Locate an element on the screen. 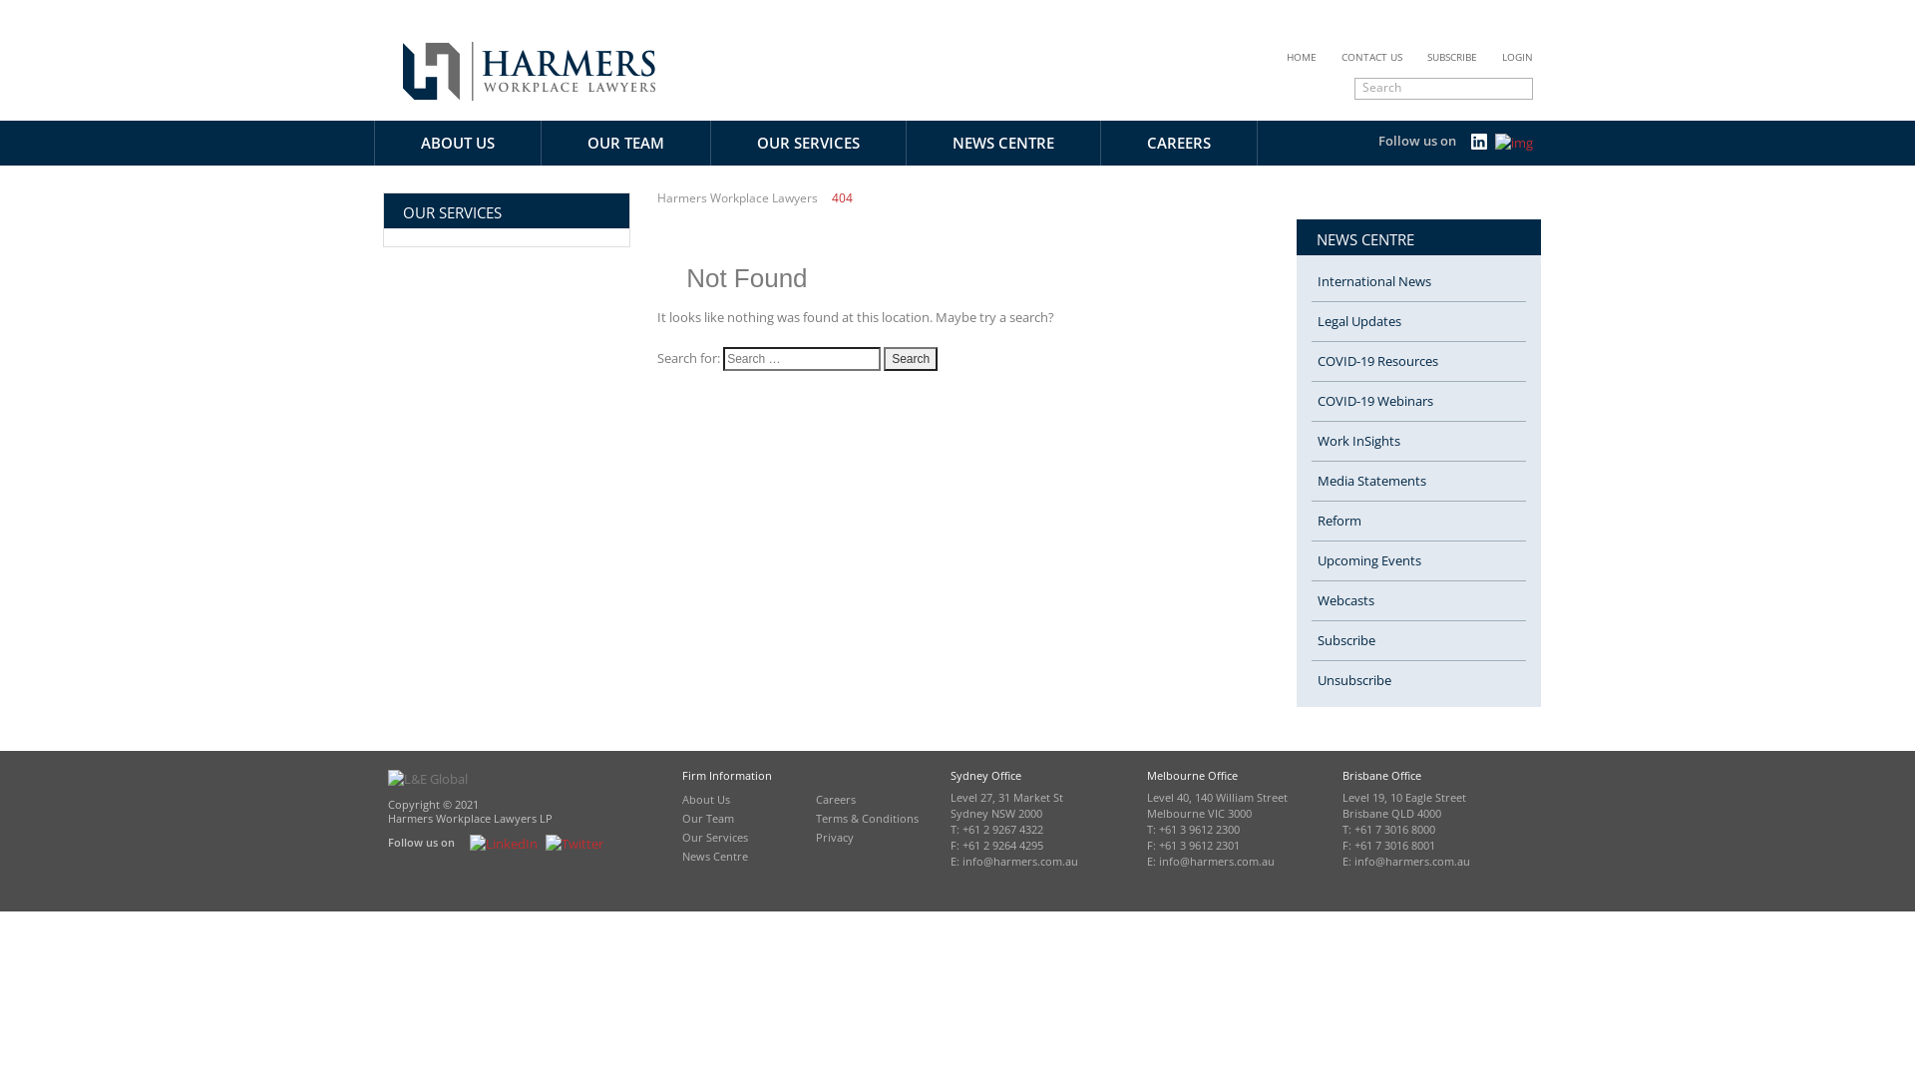 Image resolution: width=1915 pixels, height=1077 pixels. 'Media Statements' is located at coordinates (1417, 481).